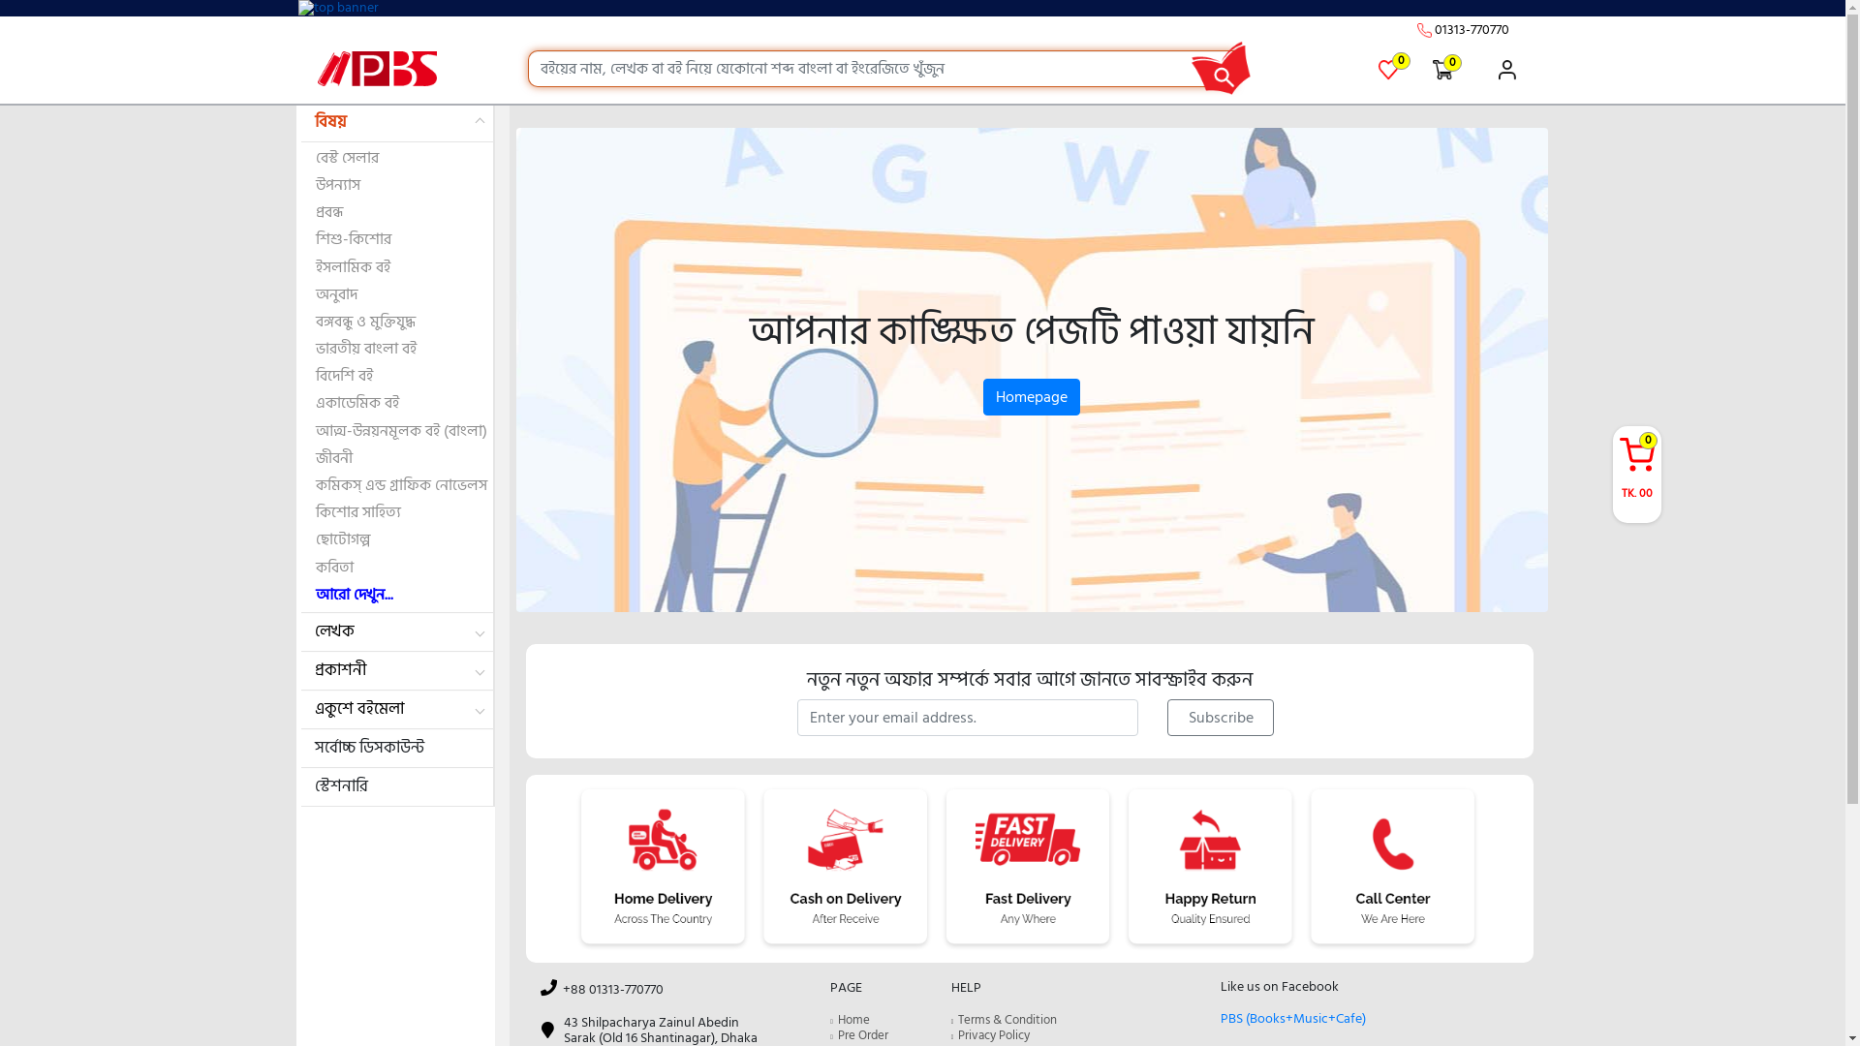 The image size is (1860, 1046). Describe the element at coordinates (1635, 471) in the screenshot. I see `'0` at that location.